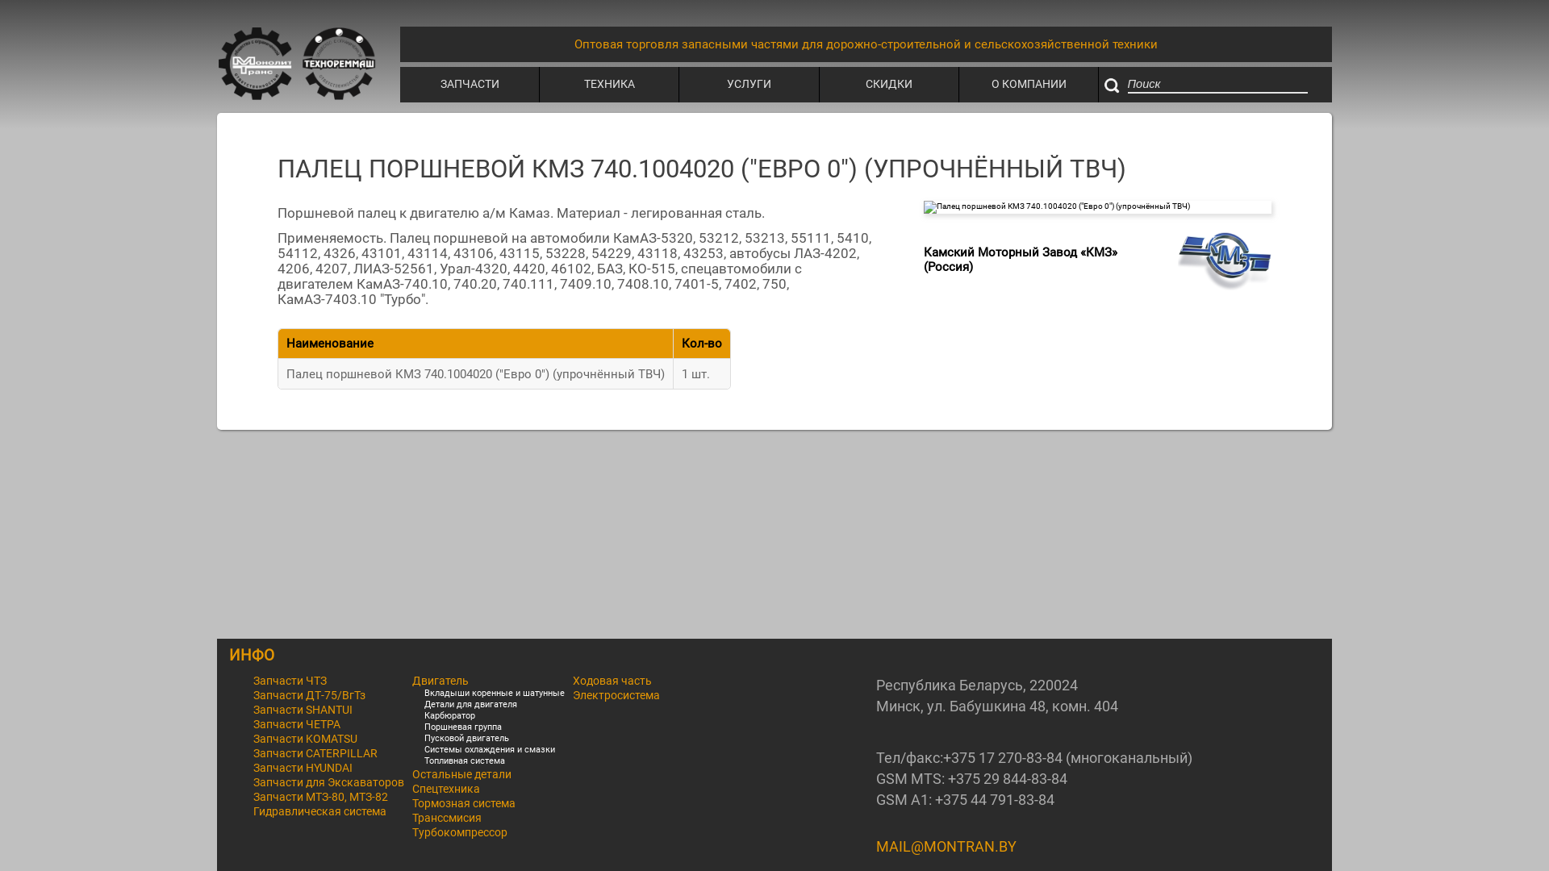 This screenshot has height=871, width=1549. What do you see at coordinates (1006, 777) in the screenshot?
I see `'+375 29 844-83-84'` at bounding box center [1006, 777].